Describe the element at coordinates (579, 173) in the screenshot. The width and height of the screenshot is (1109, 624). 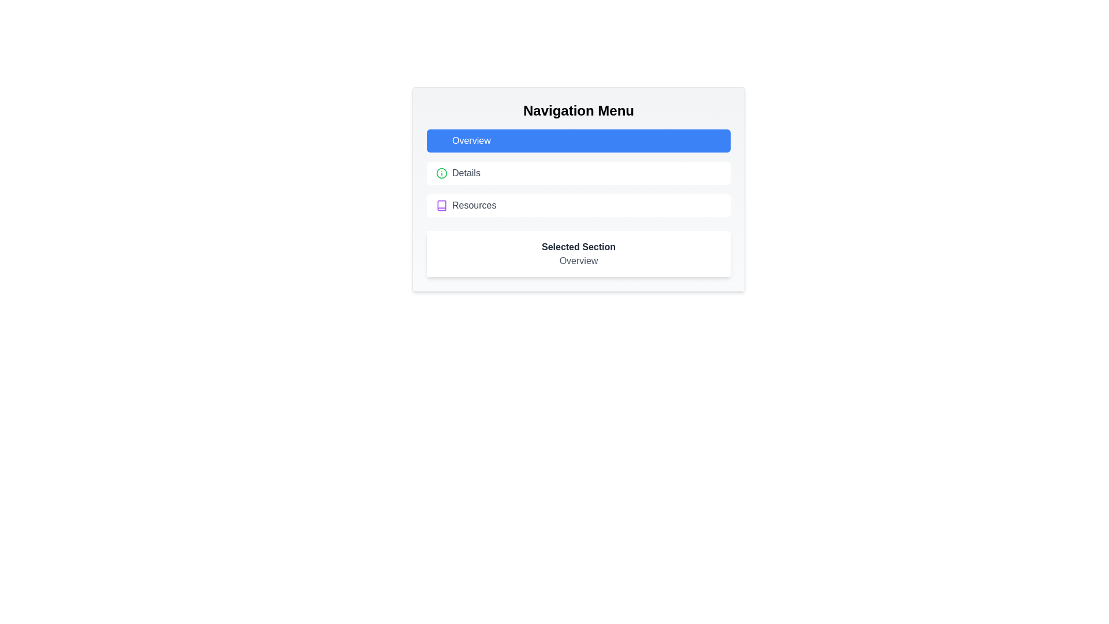
I see `the 'Details' navigation menu item` at that location.